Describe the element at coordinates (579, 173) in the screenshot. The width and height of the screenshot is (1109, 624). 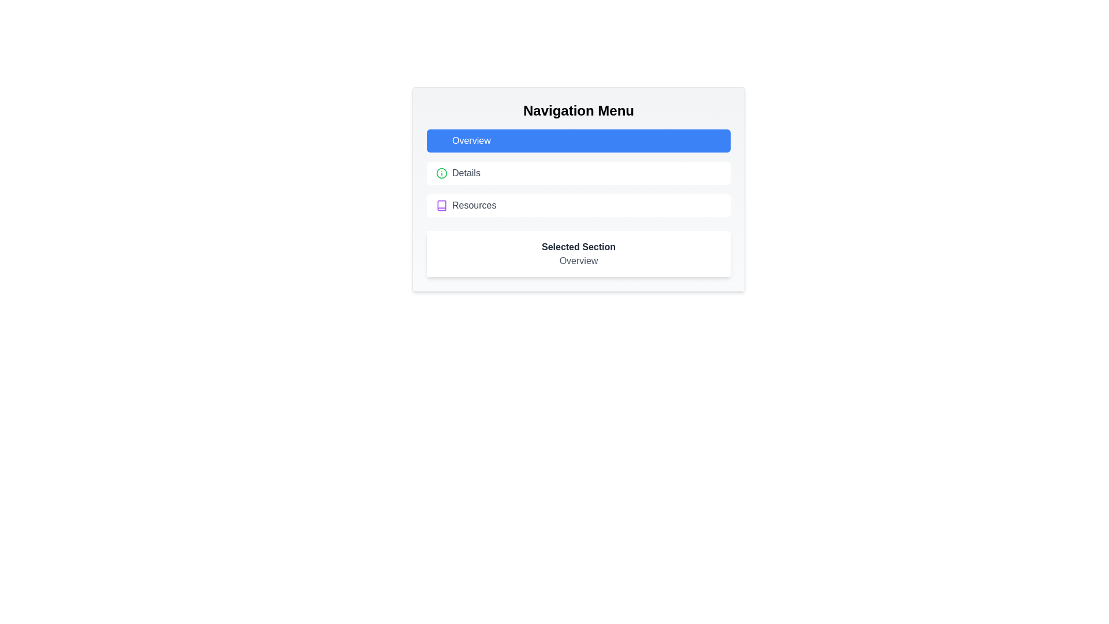
I see `the 'Details' navigation menu item` at that location.